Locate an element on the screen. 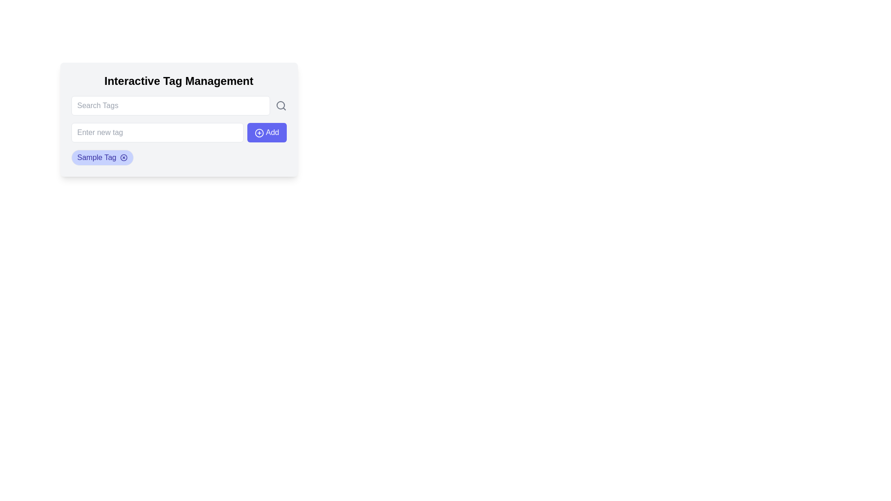 This screenshot has width=891, height=501. the circular border of the close icon associated with the 'Sample Tag' button located in the bottom-left of the tag management interface is located at coordinates (123, 157).